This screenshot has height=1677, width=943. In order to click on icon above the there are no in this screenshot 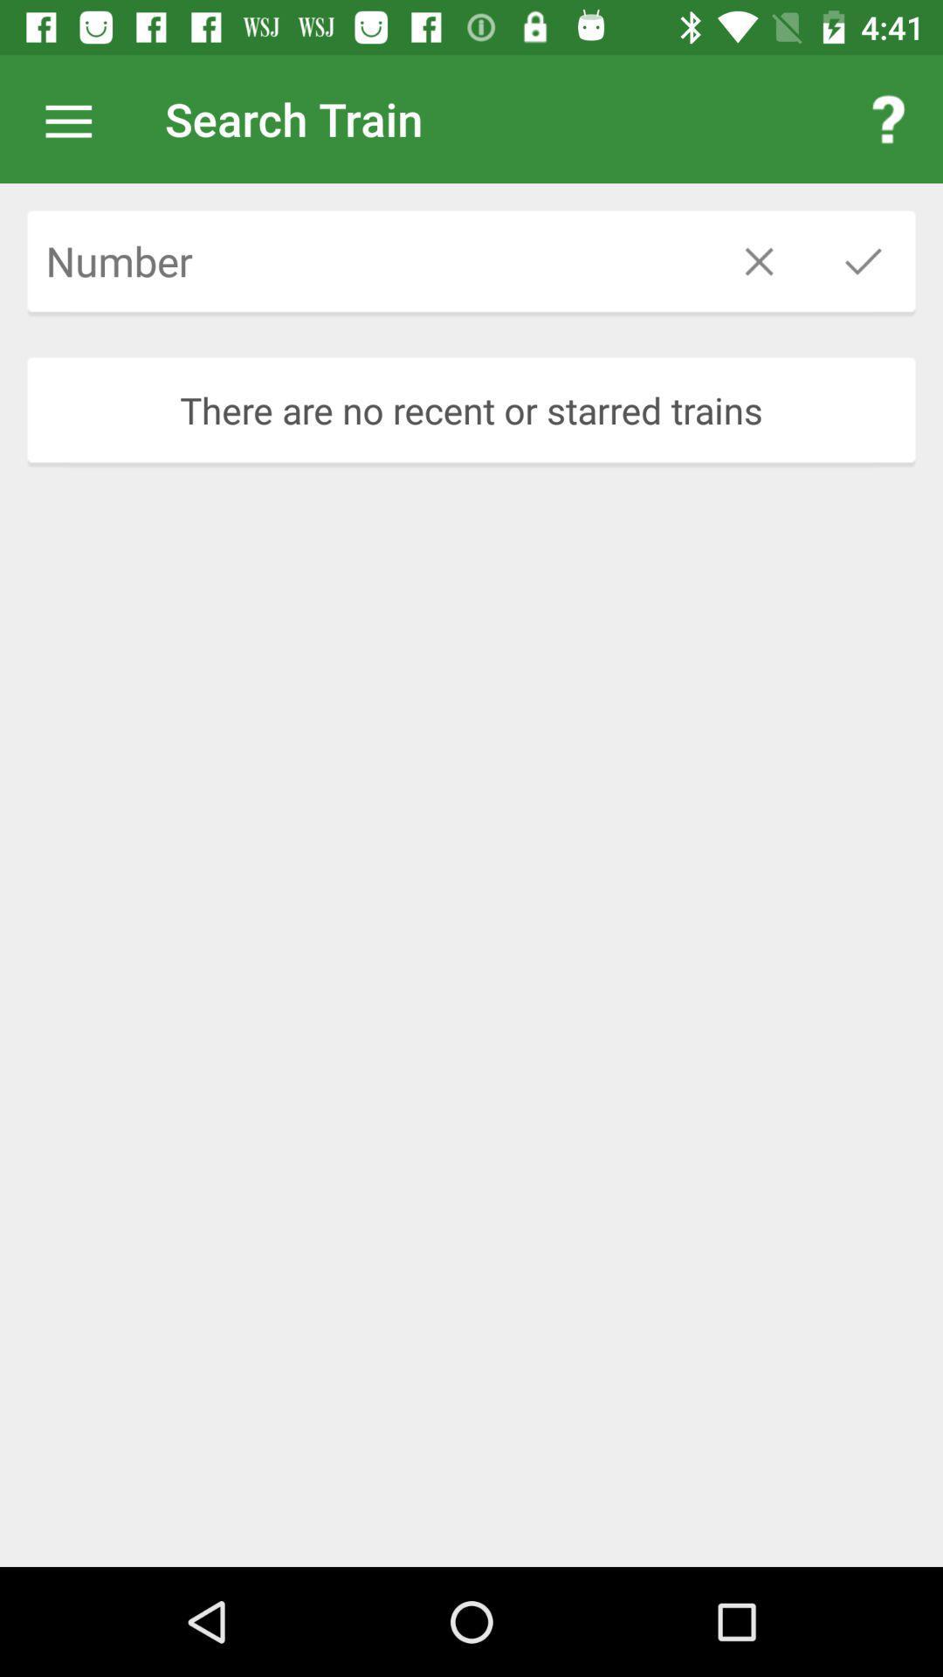, I will do `click(471, 255)`.